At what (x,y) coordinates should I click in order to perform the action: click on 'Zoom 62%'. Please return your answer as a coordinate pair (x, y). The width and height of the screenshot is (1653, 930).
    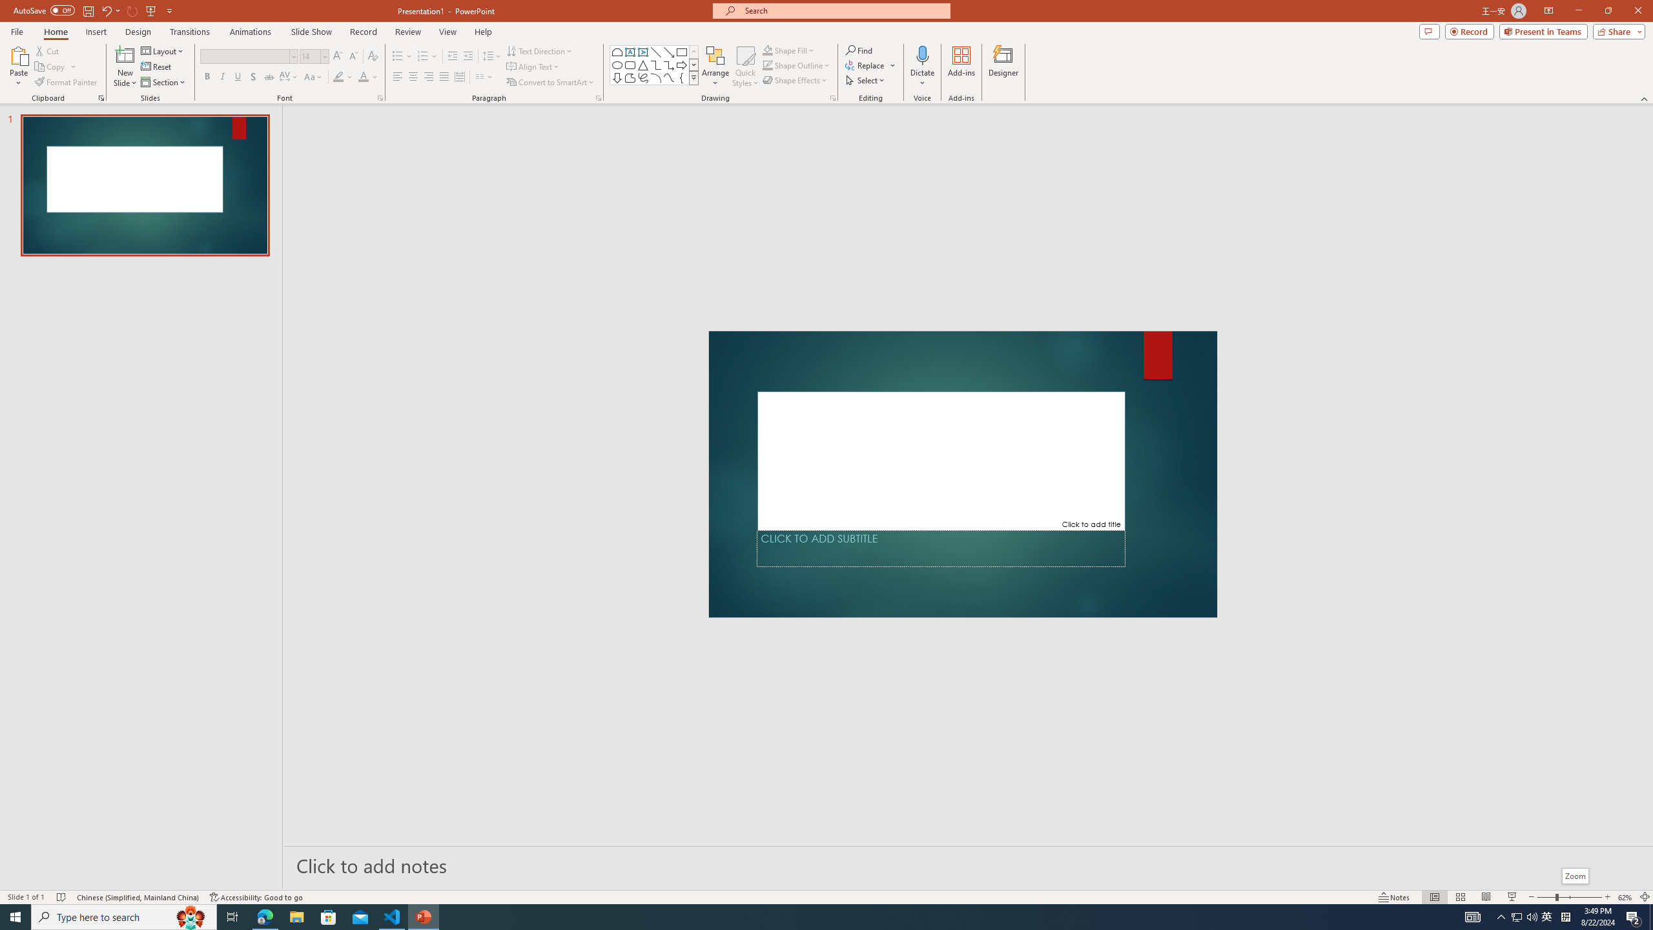
    Looking at the image, I should click on (1625, 897).